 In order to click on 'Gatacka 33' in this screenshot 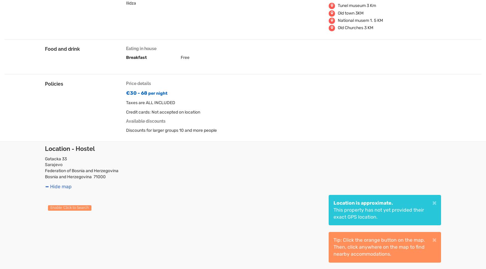, I will do `click(45, 158)`.